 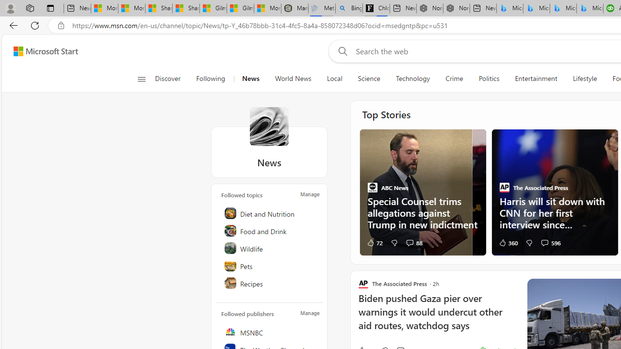 What do you see at coordinates (412, 79) in the screenshot?
I see `'Technology'` at bounding box center [412, 79].